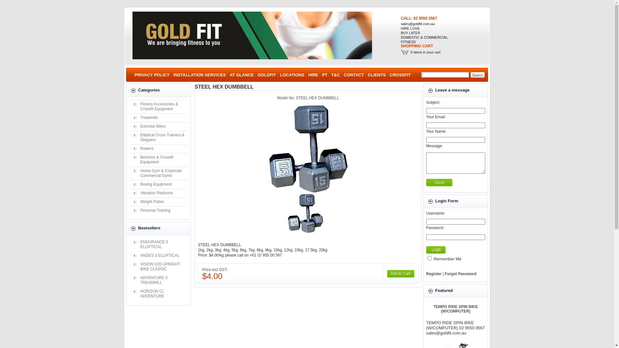  I want to click on 'Exercise Bikes', so click(158, 126).